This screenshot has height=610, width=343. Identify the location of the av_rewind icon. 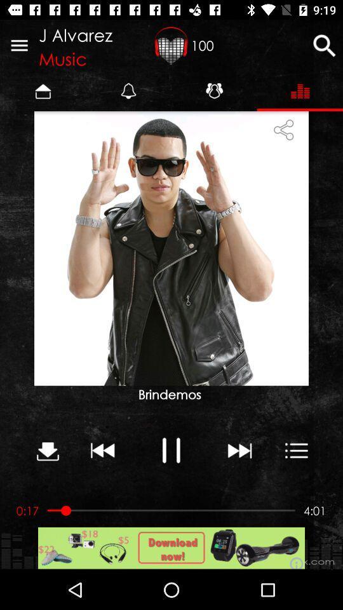
(102, 450).